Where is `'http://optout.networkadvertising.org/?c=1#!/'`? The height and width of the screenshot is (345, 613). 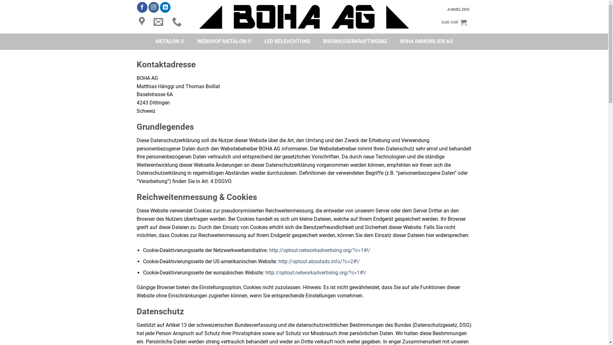 'http://optout.networkadvertising.org/?c=1#!/' is located at coordinates (320, 250).